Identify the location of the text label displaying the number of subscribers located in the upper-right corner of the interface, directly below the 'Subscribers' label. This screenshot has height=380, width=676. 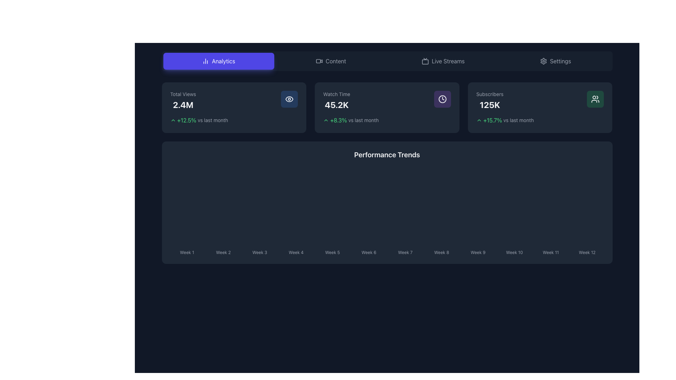
(489, 104).